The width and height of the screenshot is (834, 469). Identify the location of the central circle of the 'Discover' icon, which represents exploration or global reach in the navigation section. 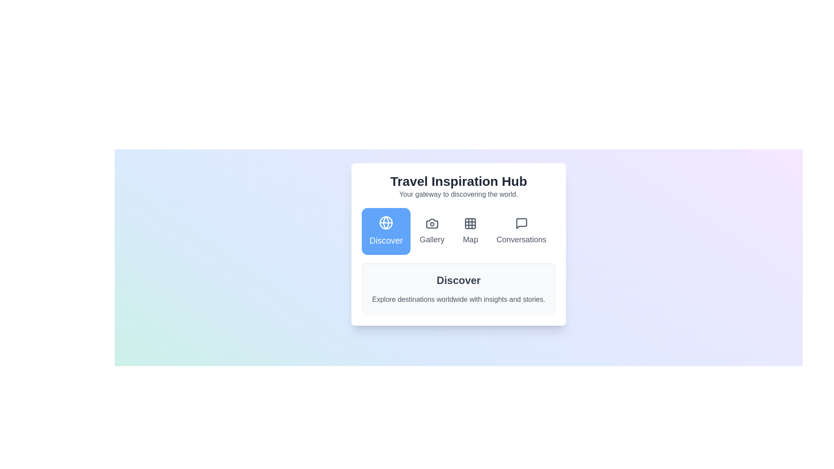
(385, 222).